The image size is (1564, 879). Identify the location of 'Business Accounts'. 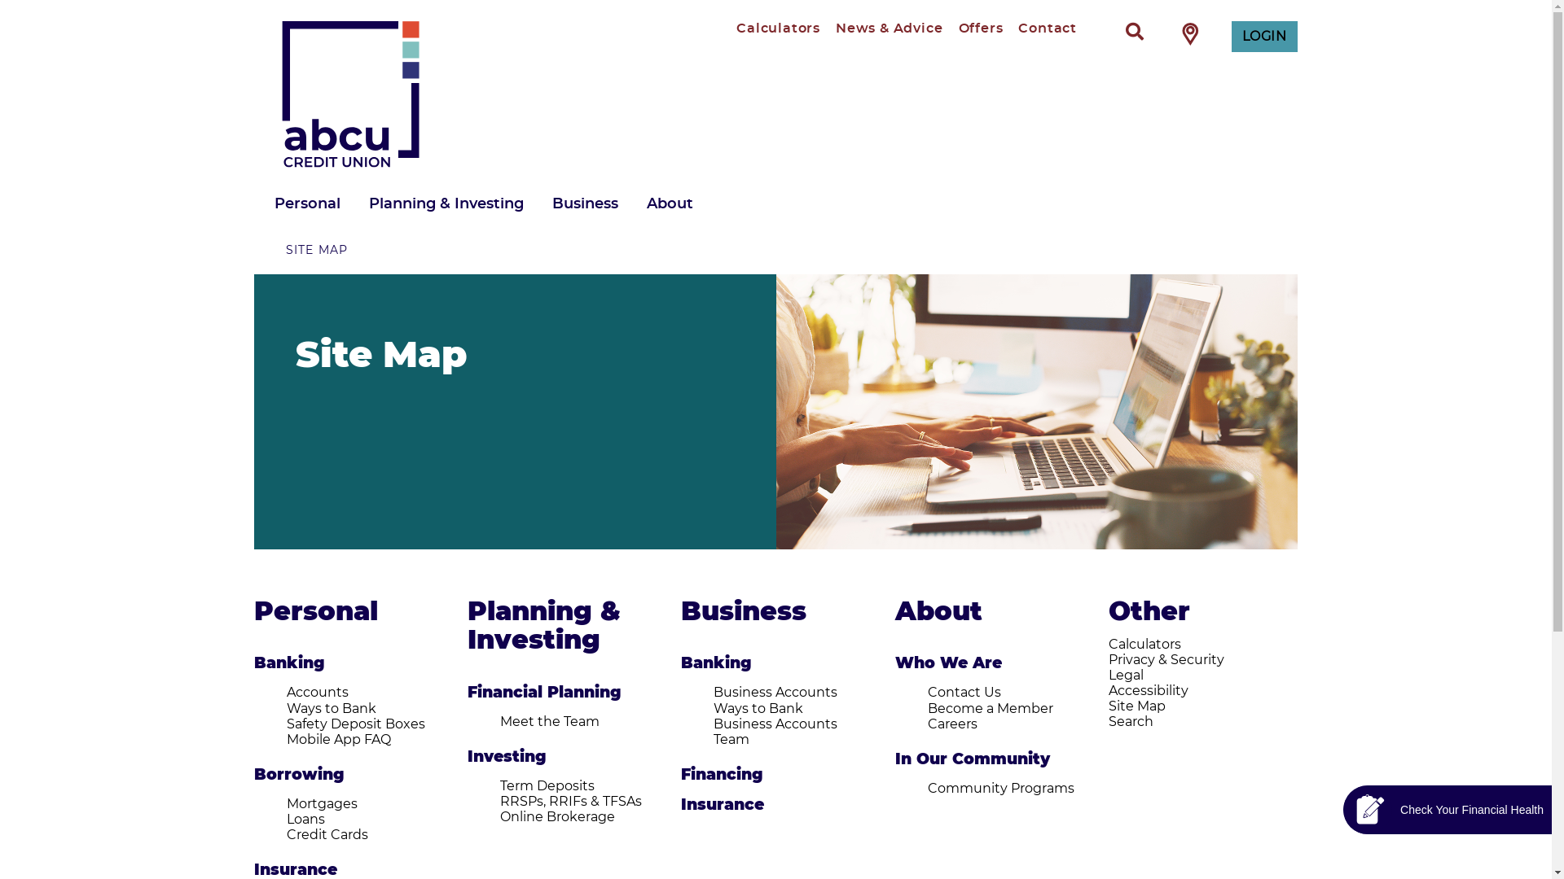
(774, 693).